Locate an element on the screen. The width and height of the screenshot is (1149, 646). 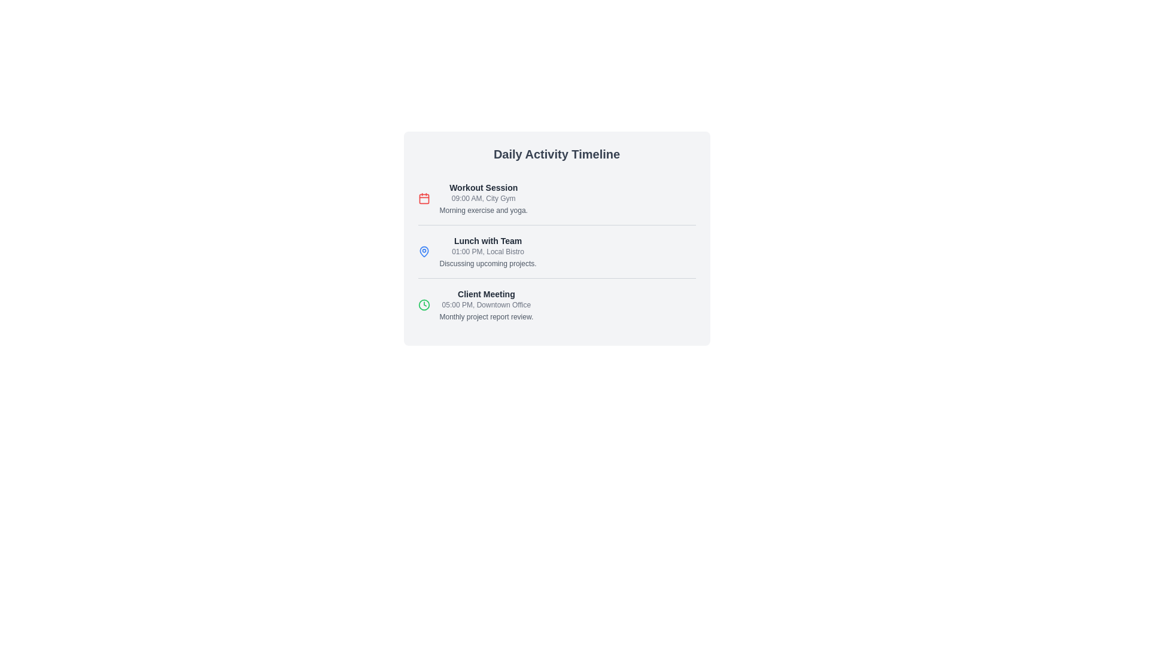
the text element that reads 'Morning exercise and yoga.', which is styled in a small, gray font and is positioned below the '09:00 AM, City Gym' element within the 'Workout Session' group is located at coordinates (484, 209).